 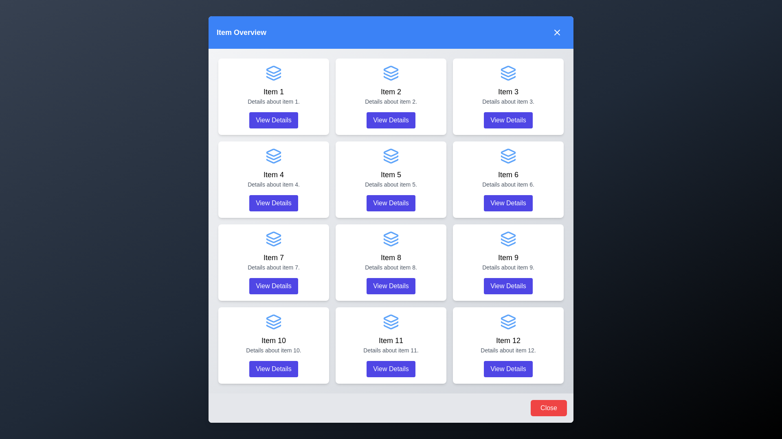 I want to click on close button in the top-right corner of the dialog, so click(x=557, y=32).